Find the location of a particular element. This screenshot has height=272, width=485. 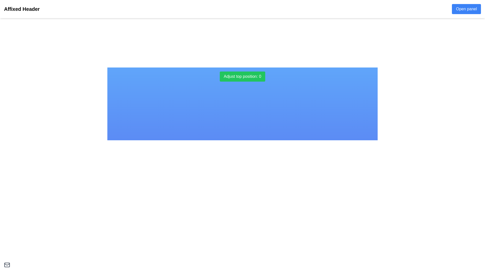

the gray envelope icon located in the bottom-left corner of the interface is located at coordinates (7, 265).